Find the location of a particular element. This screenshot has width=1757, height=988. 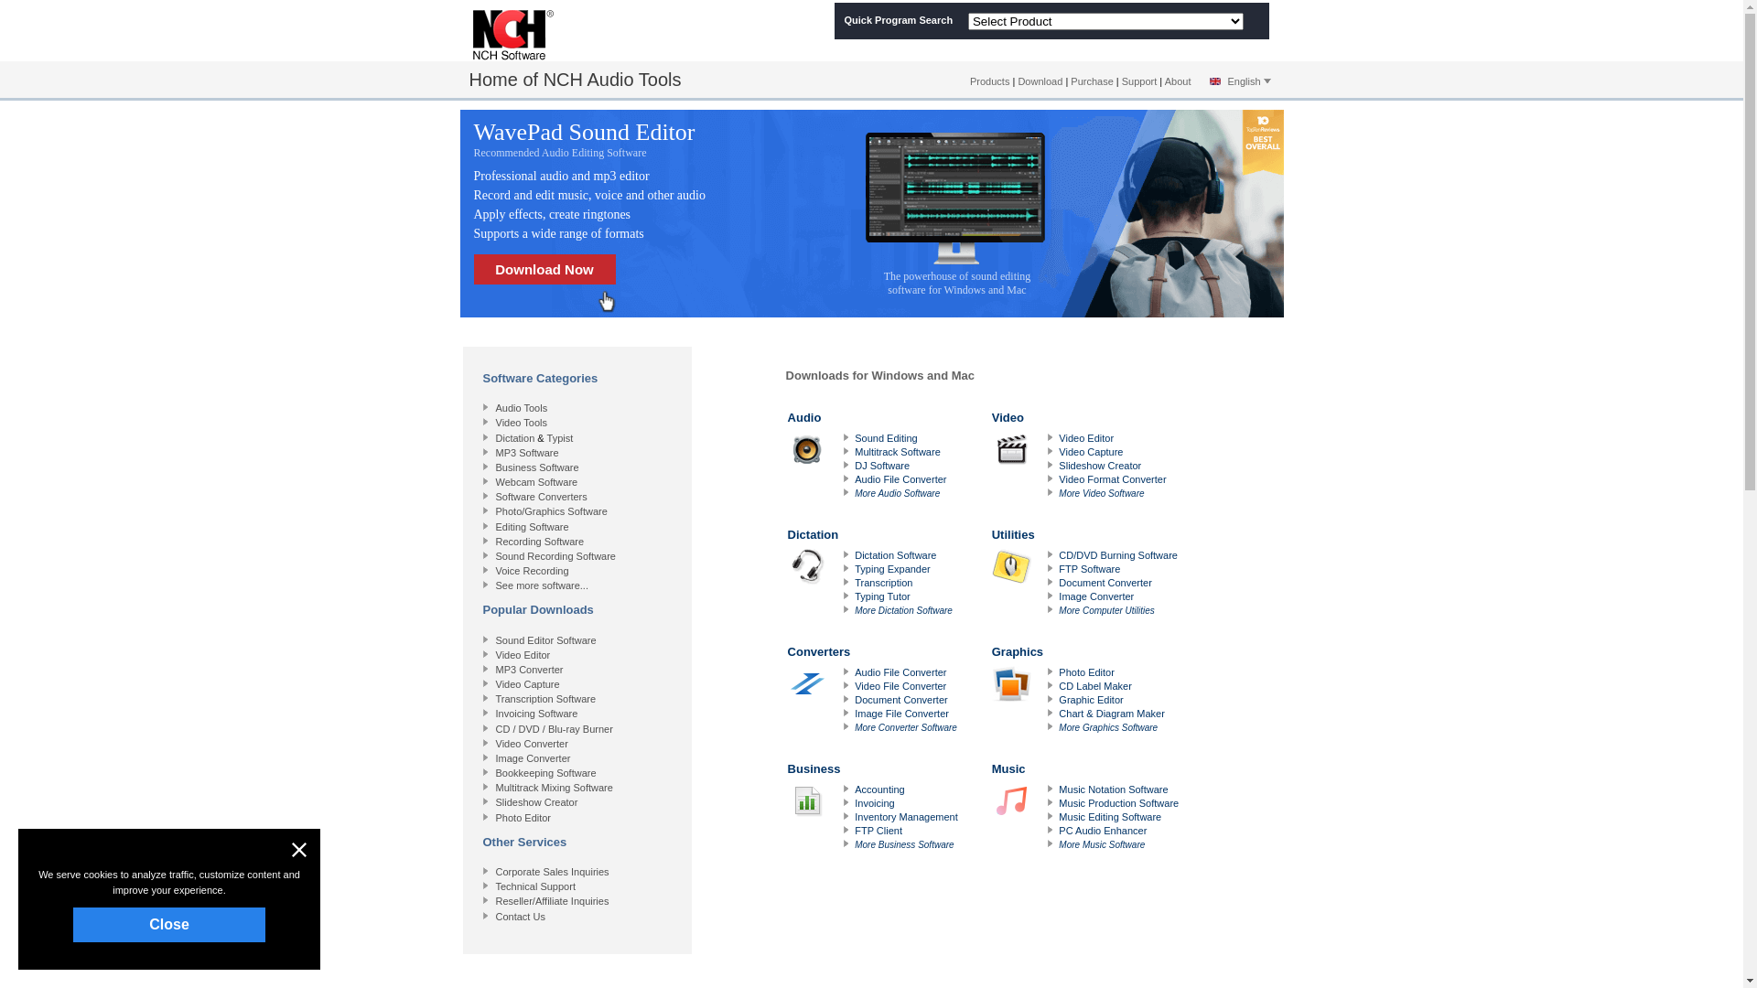

'Typist' is located at coordinates (559, 437).